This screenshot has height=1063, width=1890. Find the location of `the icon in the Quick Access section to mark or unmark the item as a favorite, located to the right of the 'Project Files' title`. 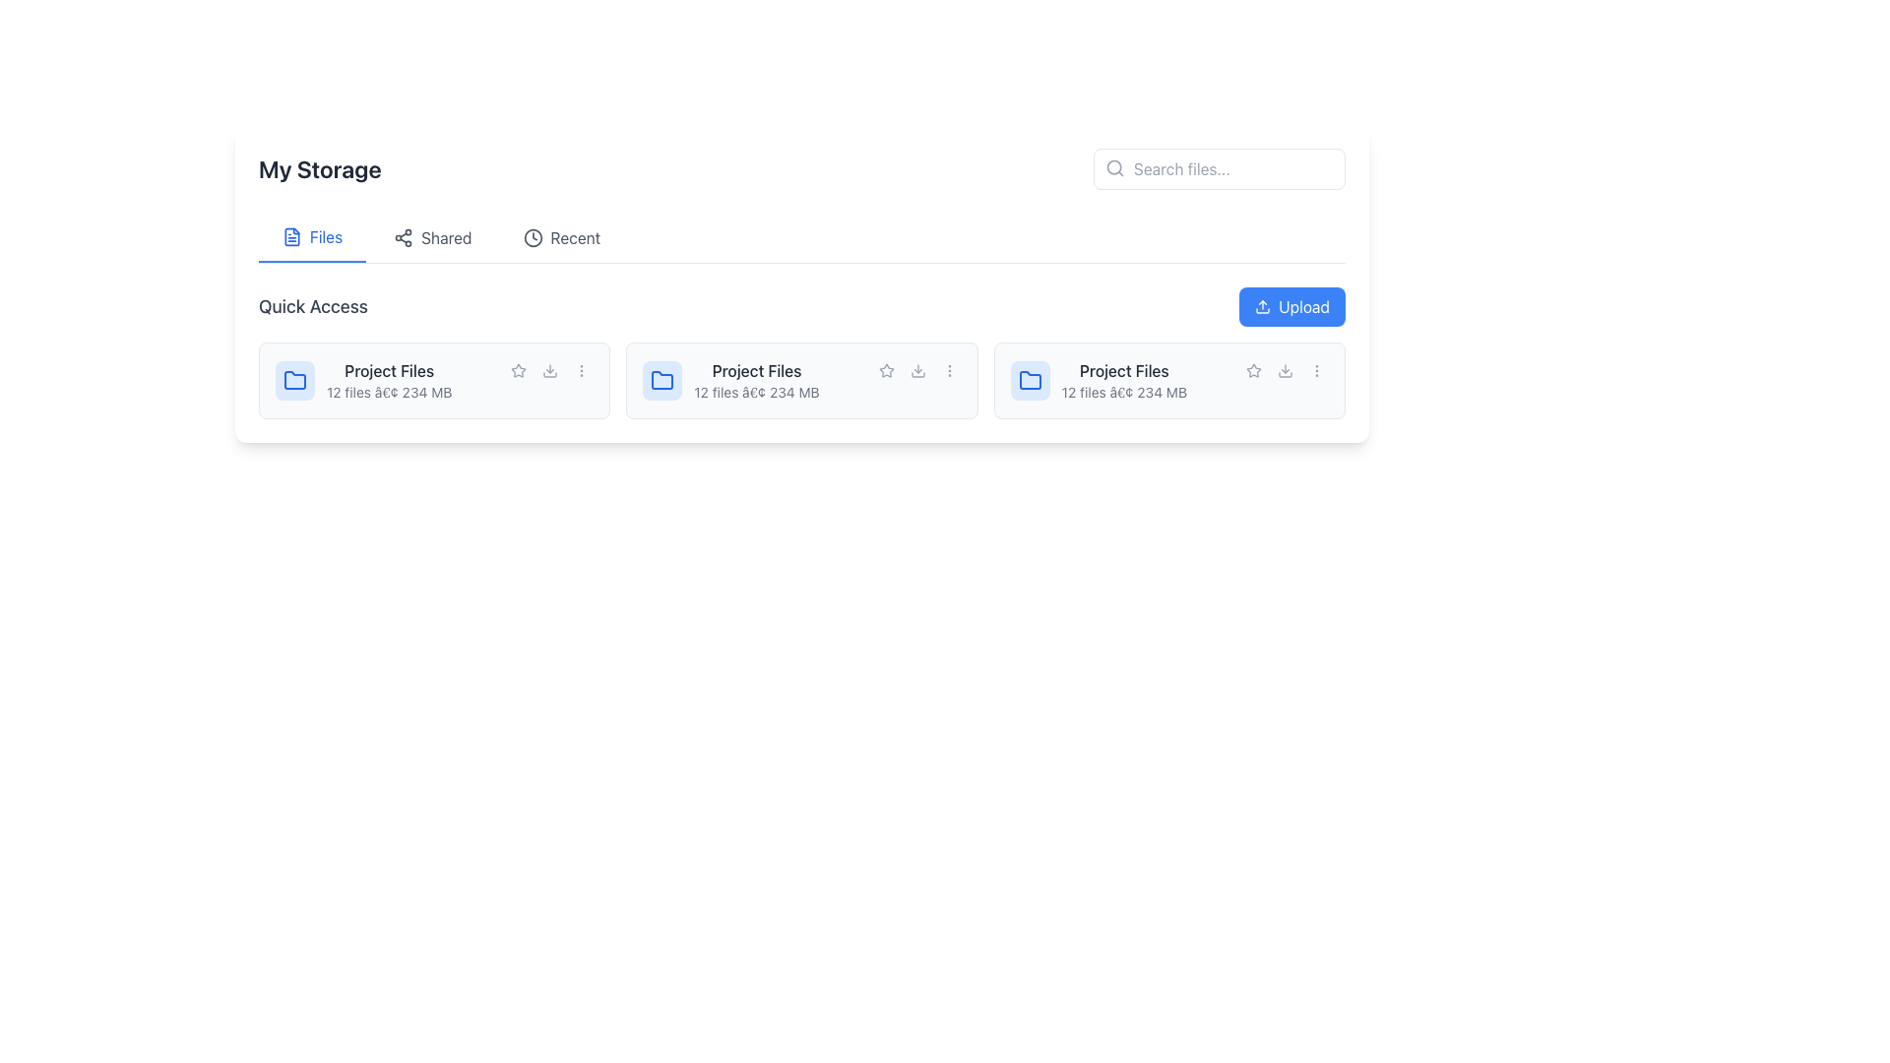

the icon in the Quick Access section to mark or unmark the item as a favorite, located to the right of the 'Project Files' title is located at coordinates (519, 371).